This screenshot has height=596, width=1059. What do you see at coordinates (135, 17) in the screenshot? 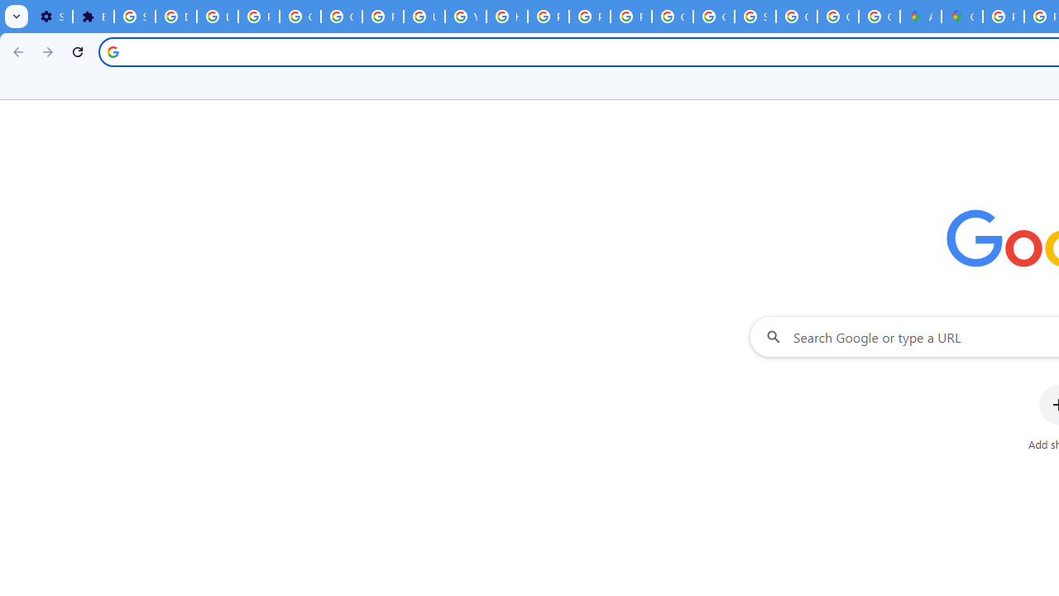
I see `'Sign in - Google Accounts'` at bounding box center [135, 17].